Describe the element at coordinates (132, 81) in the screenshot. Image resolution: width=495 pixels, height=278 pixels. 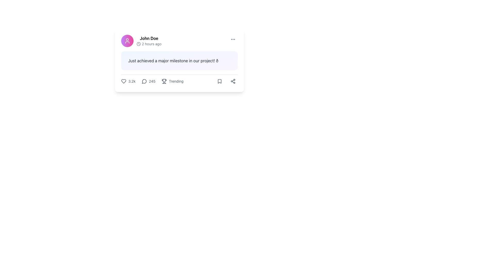
I see `the numerical indicator displayed next to the heart icon, which represents the count of likes or favorites` at that location.